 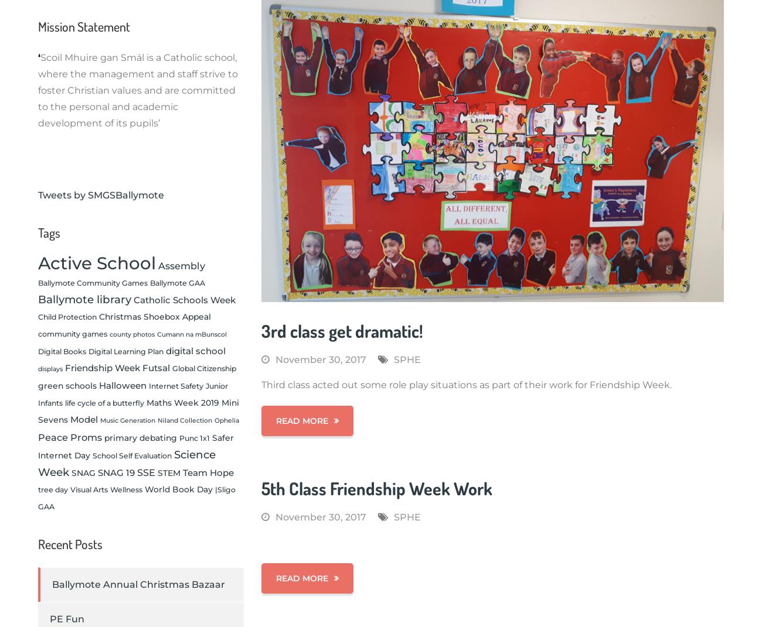 I want to click on 'Ballymote library', so click(x=84, y=299).